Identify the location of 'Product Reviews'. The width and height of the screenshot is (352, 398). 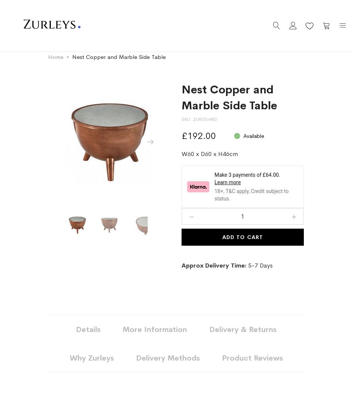
(252, 358).